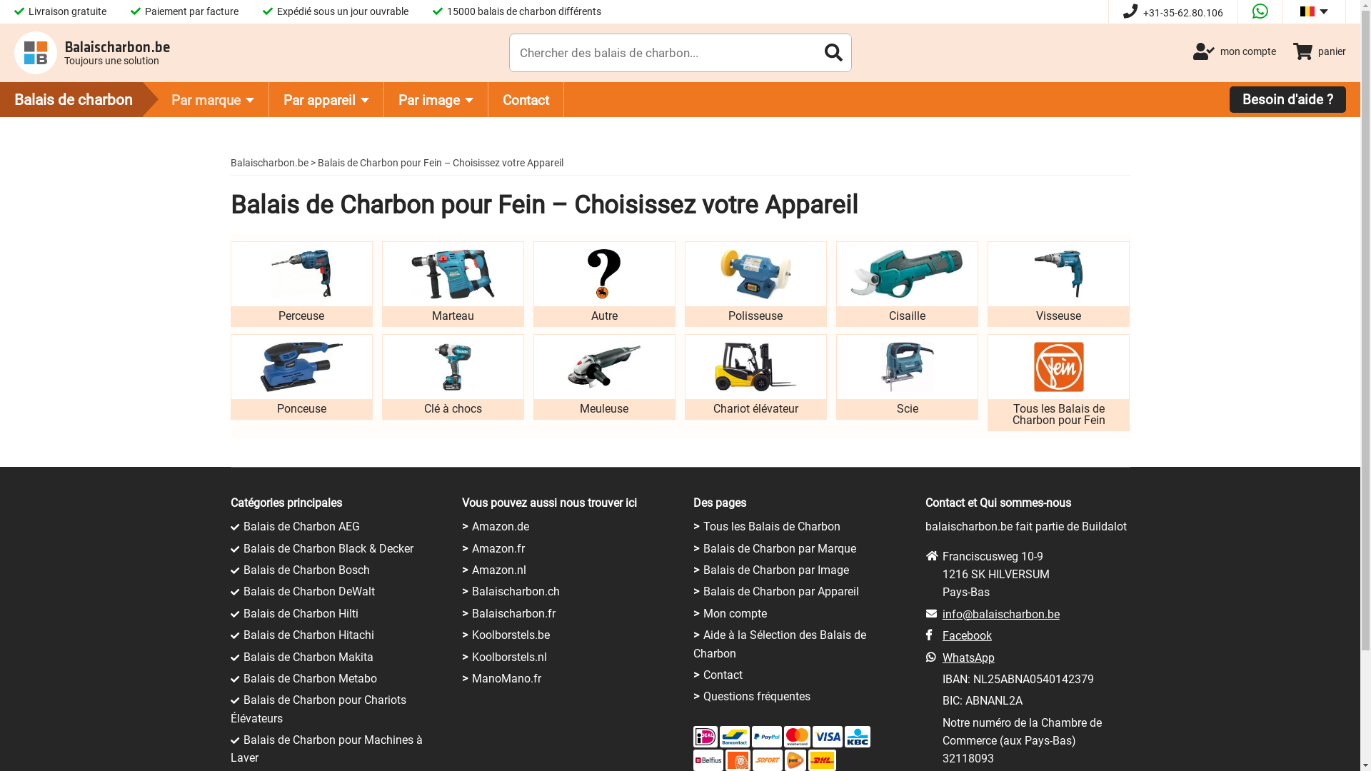 Image resolution: width=1371 pixels, height=771 pixels. What do you see at coordinates (1307, 11) in the screenshot?
I see `'be'` at bounding box center [1307, 11].